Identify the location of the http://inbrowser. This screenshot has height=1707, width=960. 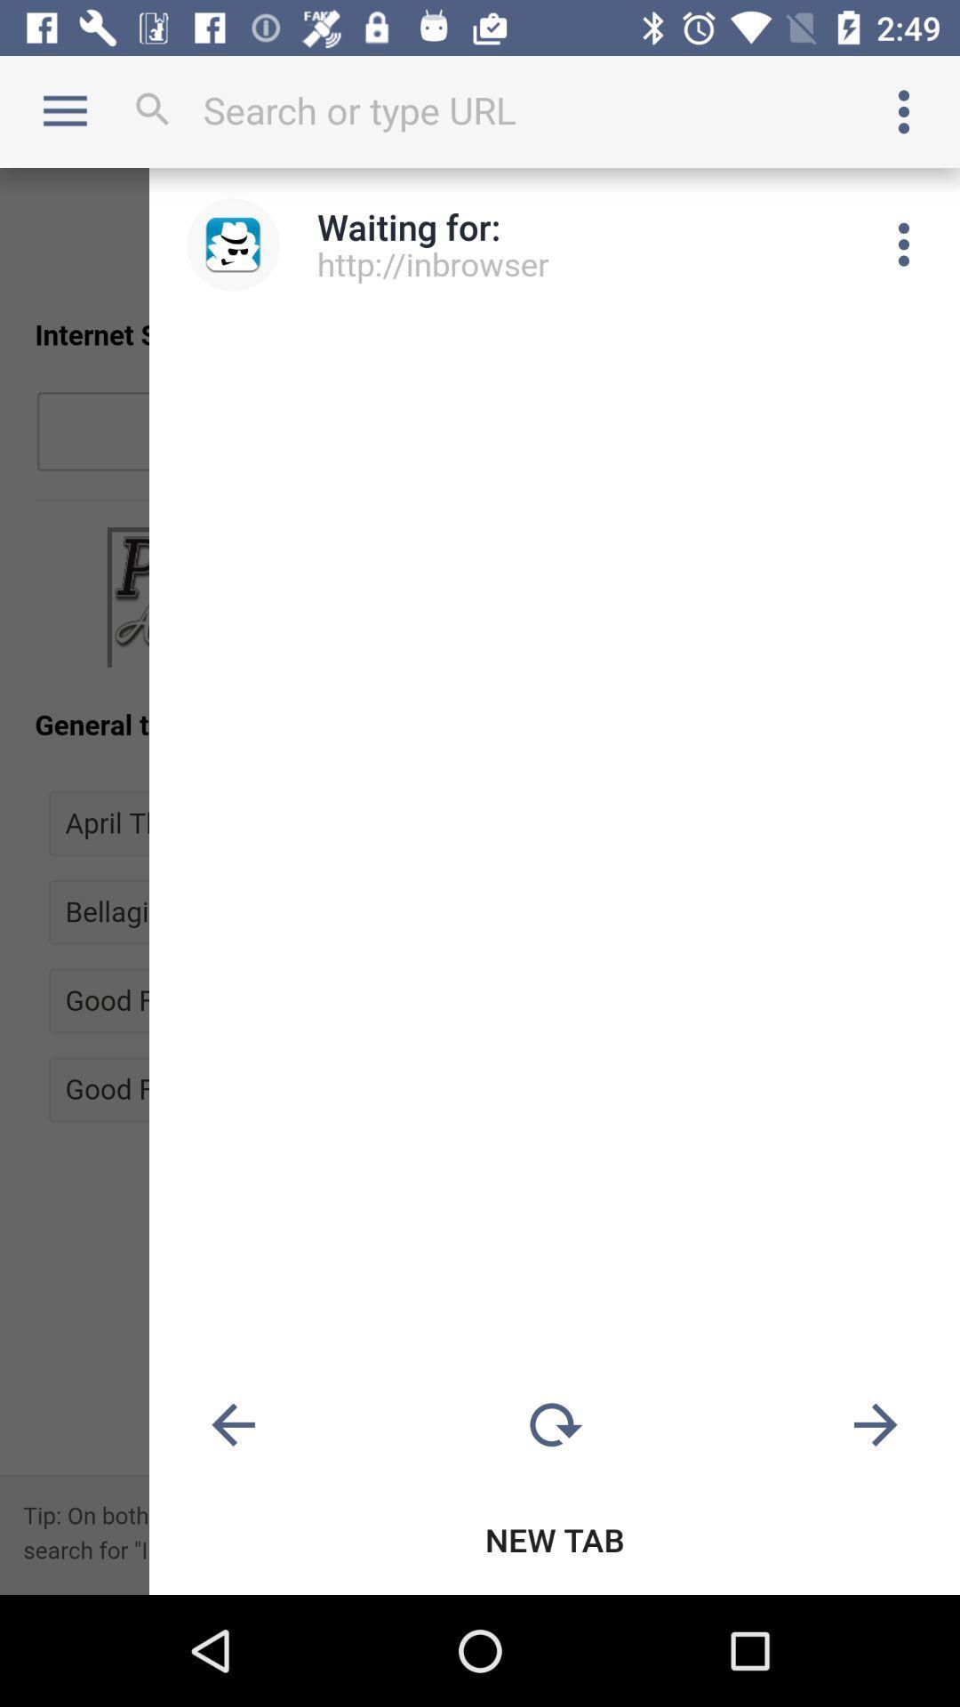
(433, 263).